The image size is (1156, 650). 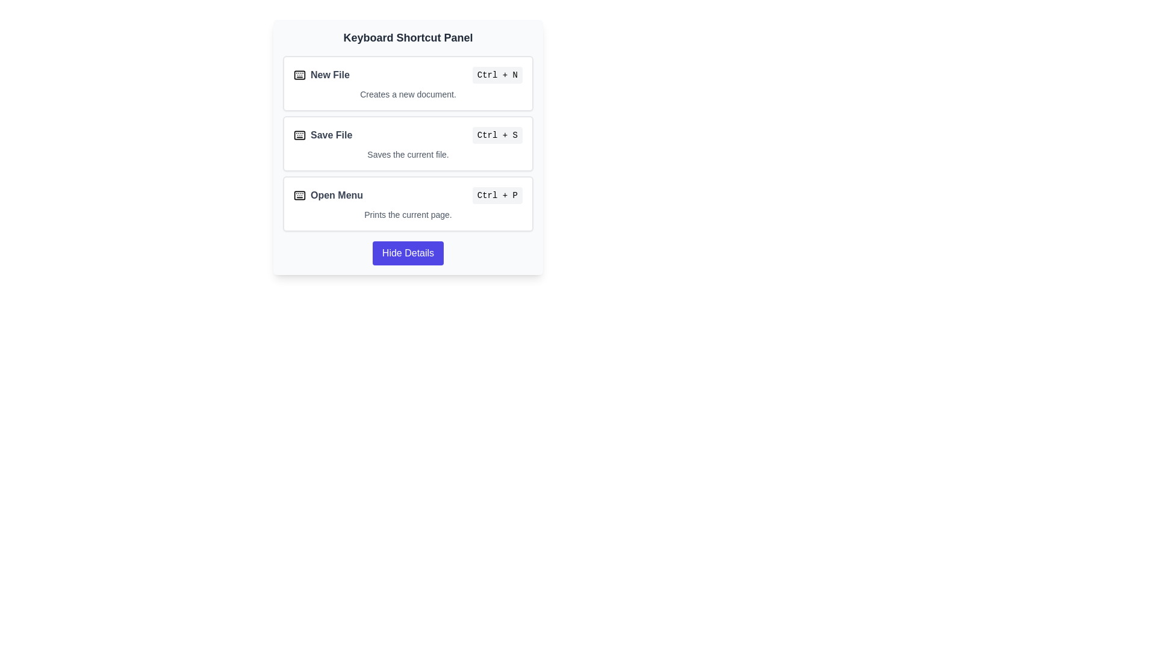 I want to click on the 'Save File' label, which features a distinct text label and a keyboard icon, located in the 'Keyboard Shortcut Panel', so click(x=323, y=135).